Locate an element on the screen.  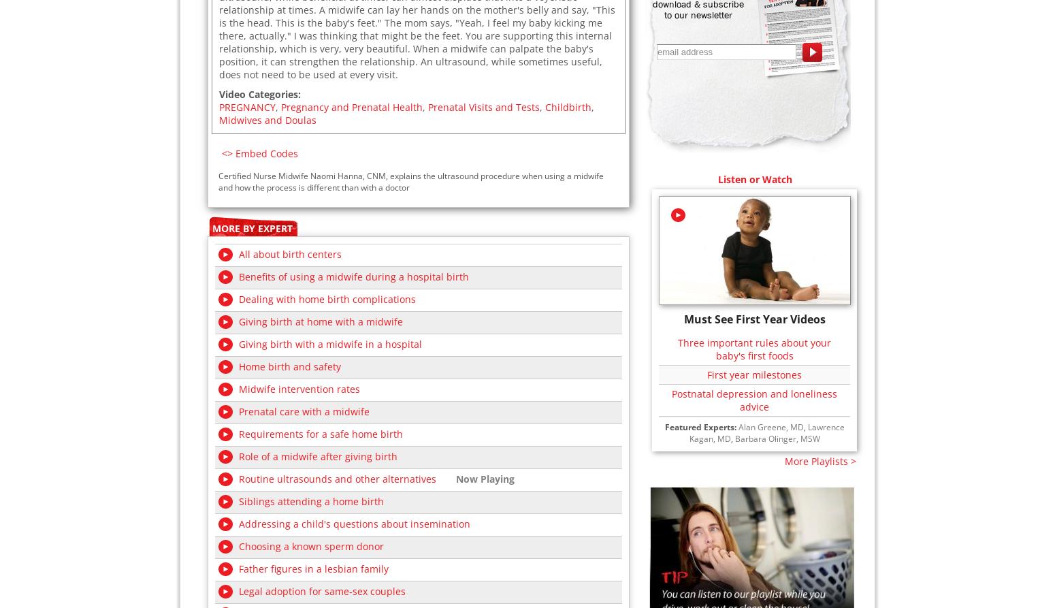
'Postnatal depression and loneliness advice' is located at coordinates (753, 398).